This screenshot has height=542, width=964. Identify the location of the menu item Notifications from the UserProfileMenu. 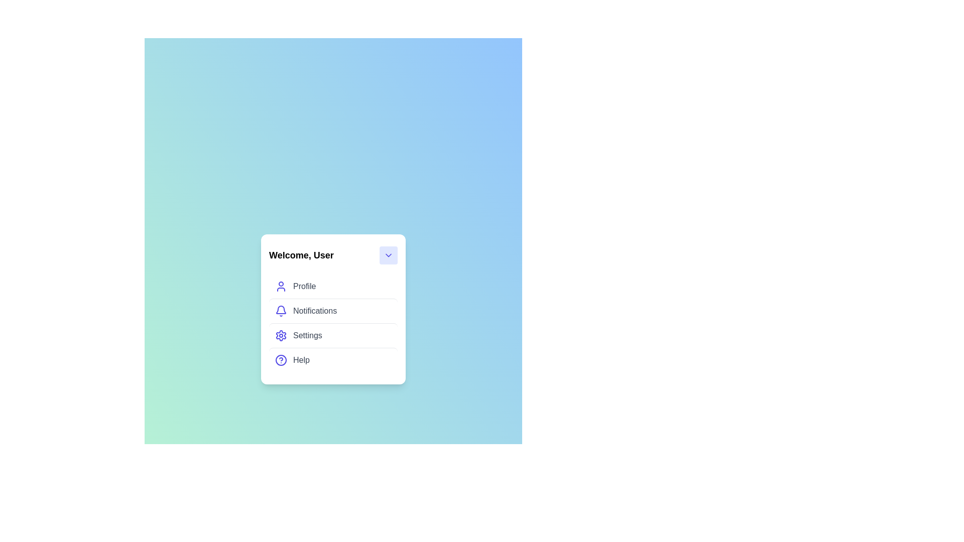
(333, 310).